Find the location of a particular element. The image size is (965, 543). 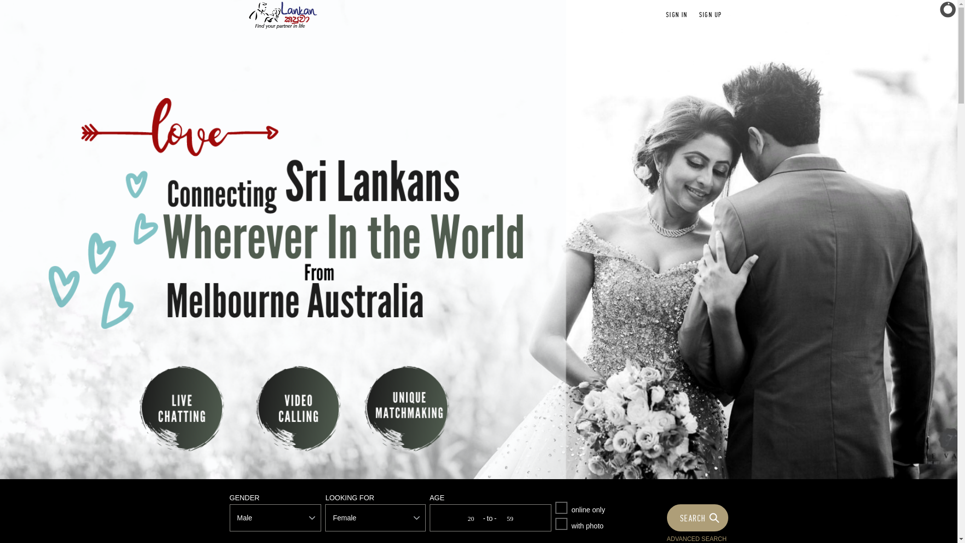

'ADVANCED SEARCH' is located at coordinates (666, 538).